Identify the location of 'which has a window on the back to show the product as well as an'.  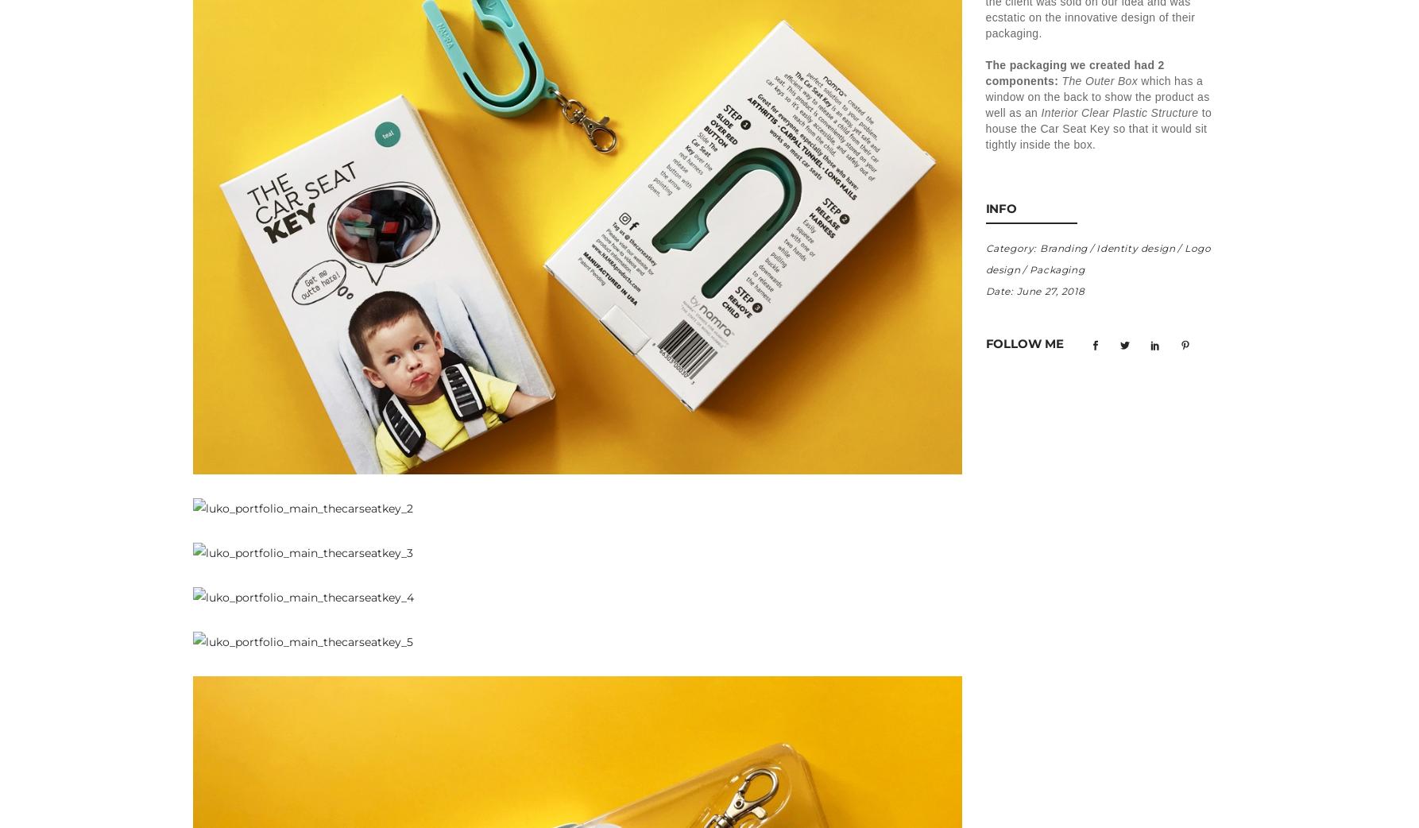
(1096, 95).